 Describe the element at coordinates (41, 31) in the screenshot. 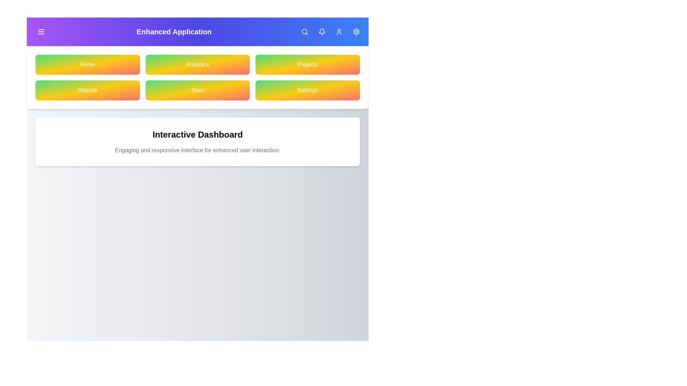

I see `menu button to toggle the visibility of the menu` at that location.